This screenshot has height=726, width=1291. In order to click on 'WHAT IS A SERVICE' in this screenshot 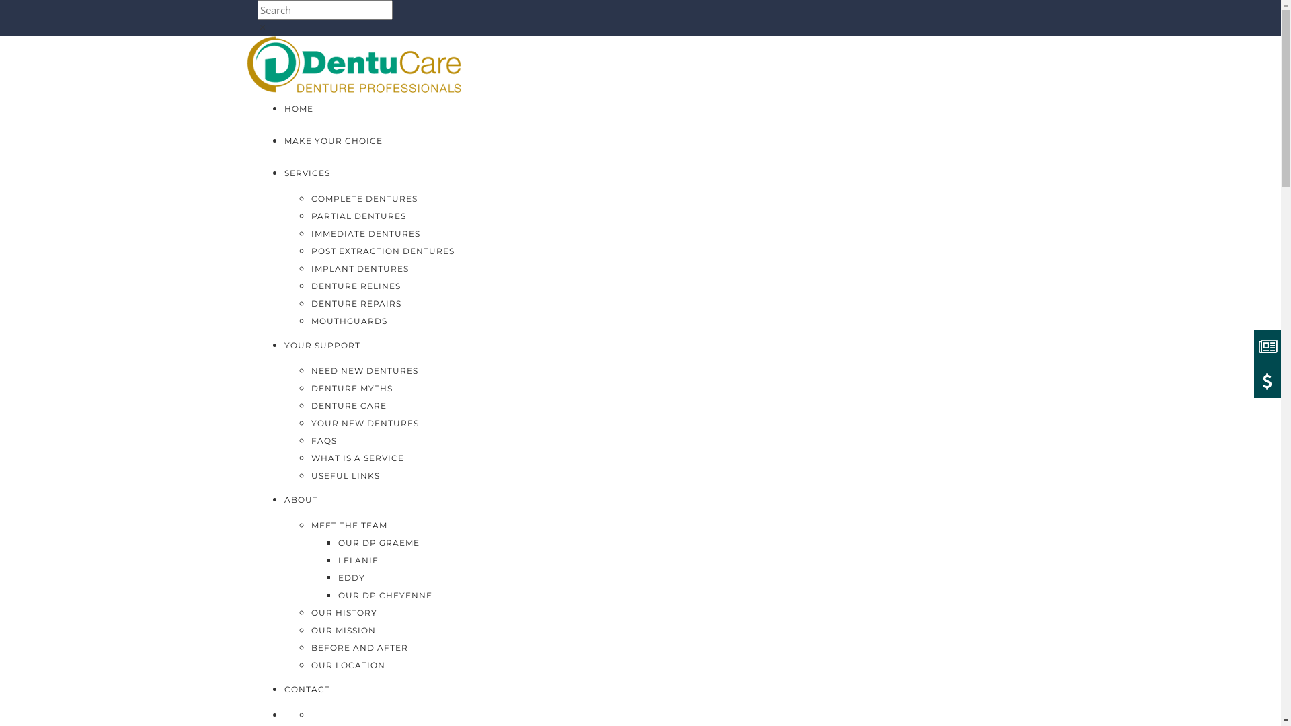, I will do `click(309, 457)`.